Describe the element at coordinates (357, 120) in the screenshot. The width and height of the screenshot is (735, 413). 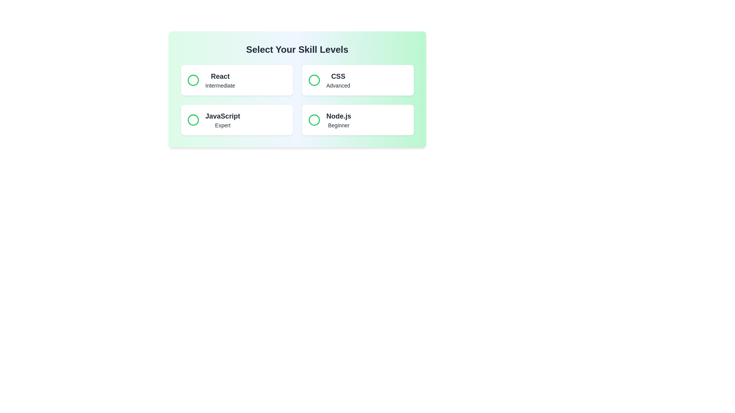
I see `the button representing Node.js to observe the visual feedback` at that location.